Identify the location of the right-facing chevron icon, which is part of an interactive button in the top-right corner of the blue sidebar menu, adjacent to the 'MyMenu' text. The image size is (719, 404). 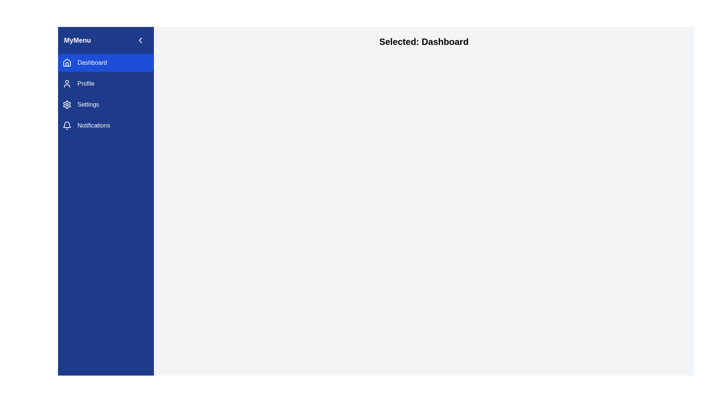
(140, 40).